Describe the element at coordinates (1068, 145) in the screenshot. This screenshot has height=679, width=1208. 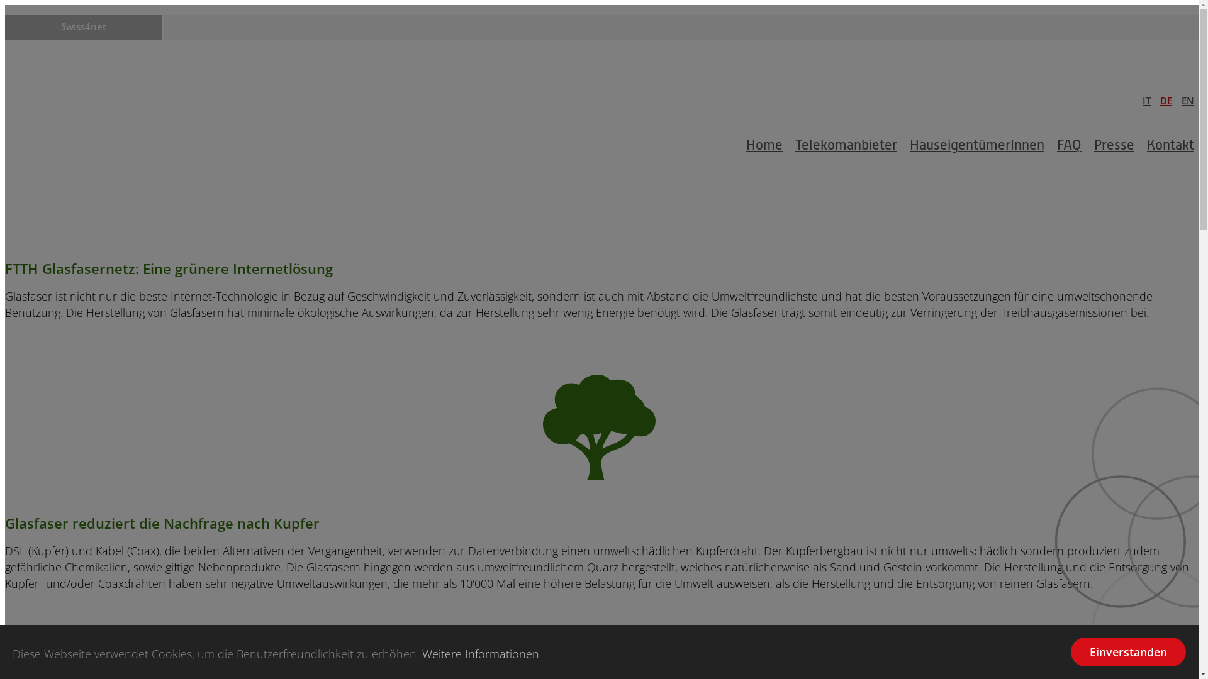
I see `'FAQ'` at that location.